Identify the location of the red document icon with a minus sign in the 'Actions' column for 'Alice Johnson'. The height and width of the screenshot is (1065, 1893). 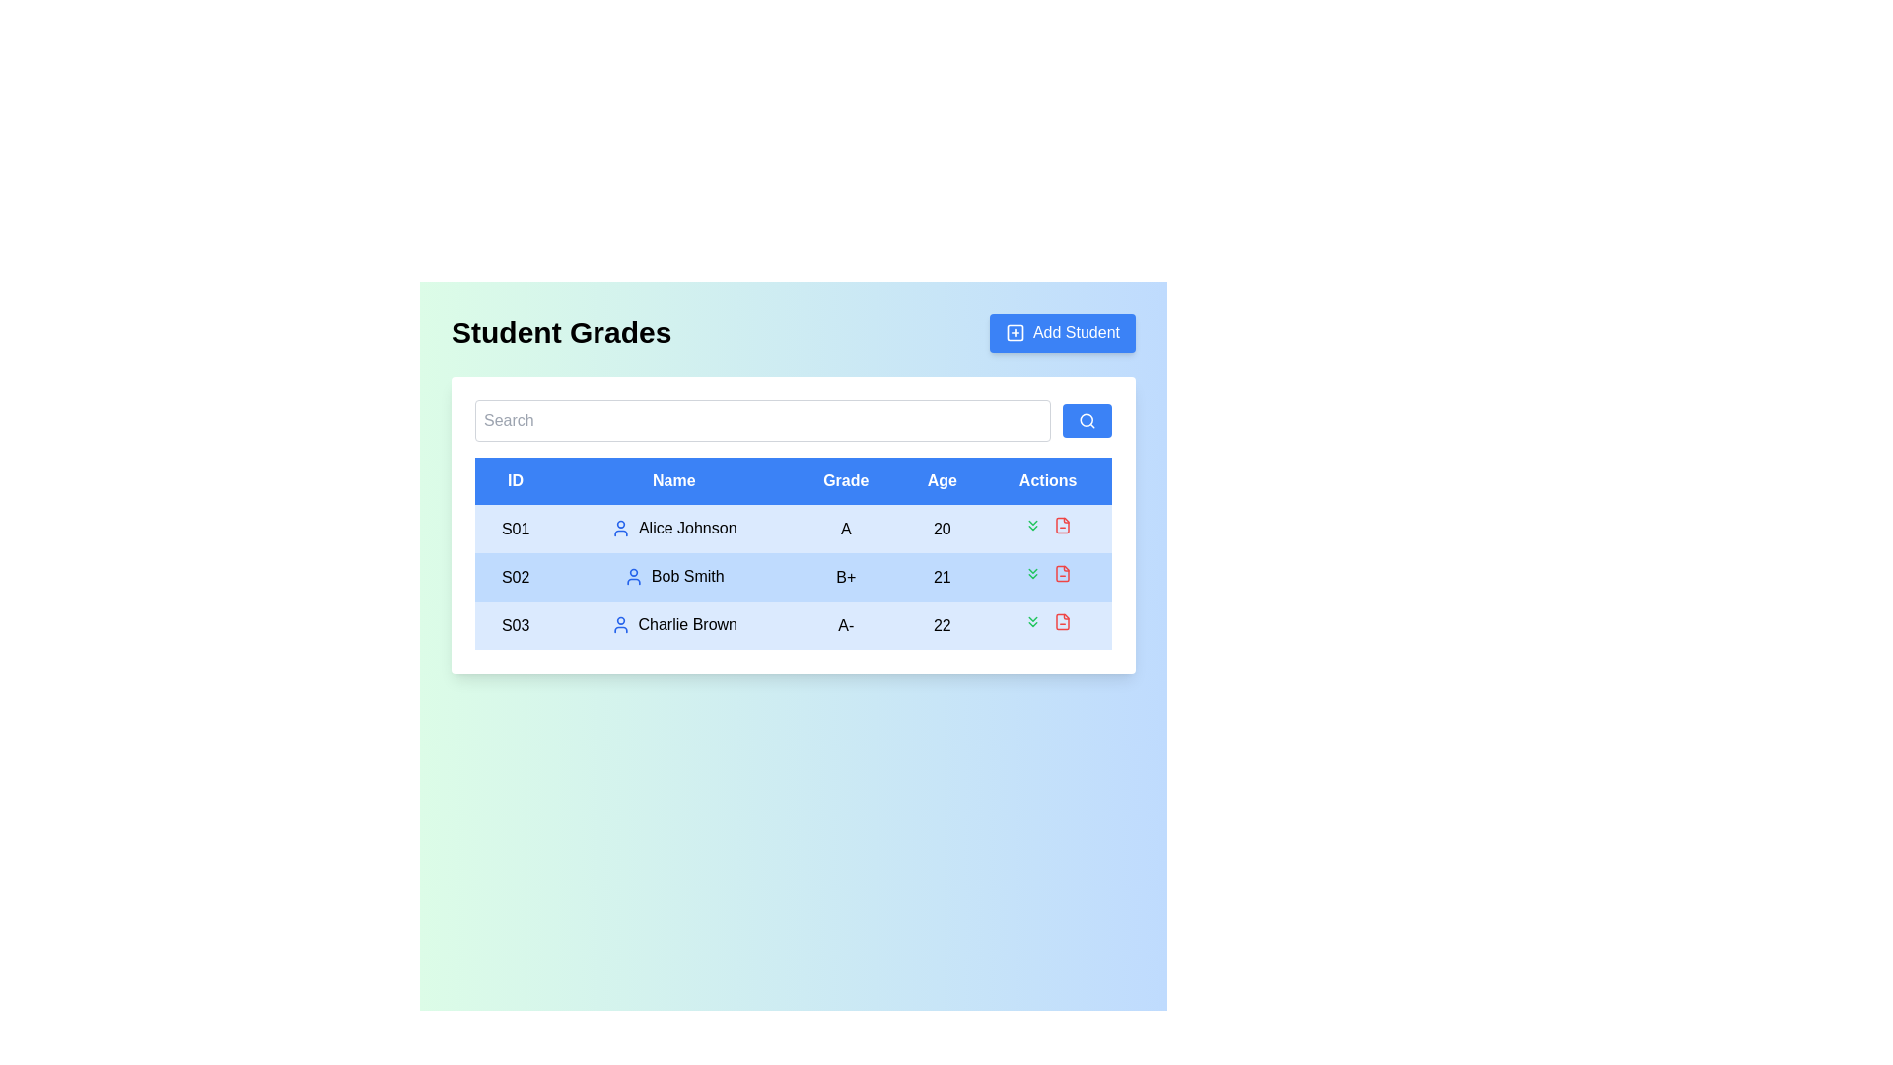
(1062, 524).